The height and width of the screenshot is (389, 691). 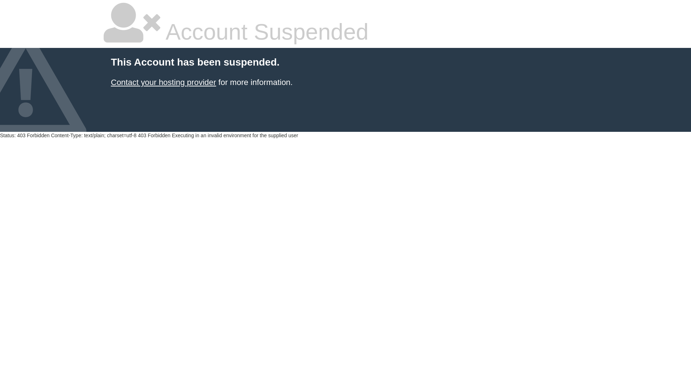 I want to click on 'Contact your hosting provider', so click(x=110, y=82).